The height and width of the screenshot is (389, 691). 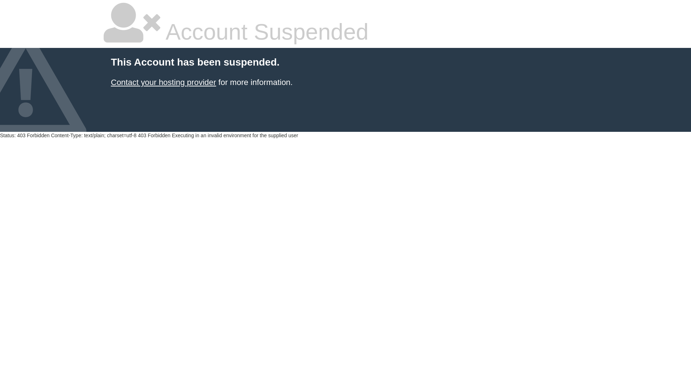 I want to click on 'Contact your hosting provider', so click(x=110, y=82).